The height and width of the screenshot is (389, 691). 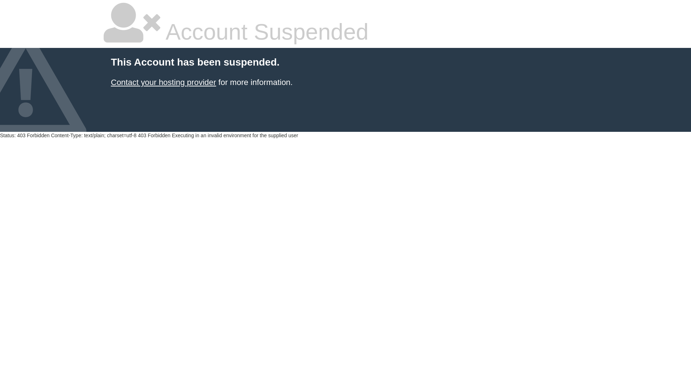 I want to click on 'Contact your hosting provider', so click(x=110, y=82).